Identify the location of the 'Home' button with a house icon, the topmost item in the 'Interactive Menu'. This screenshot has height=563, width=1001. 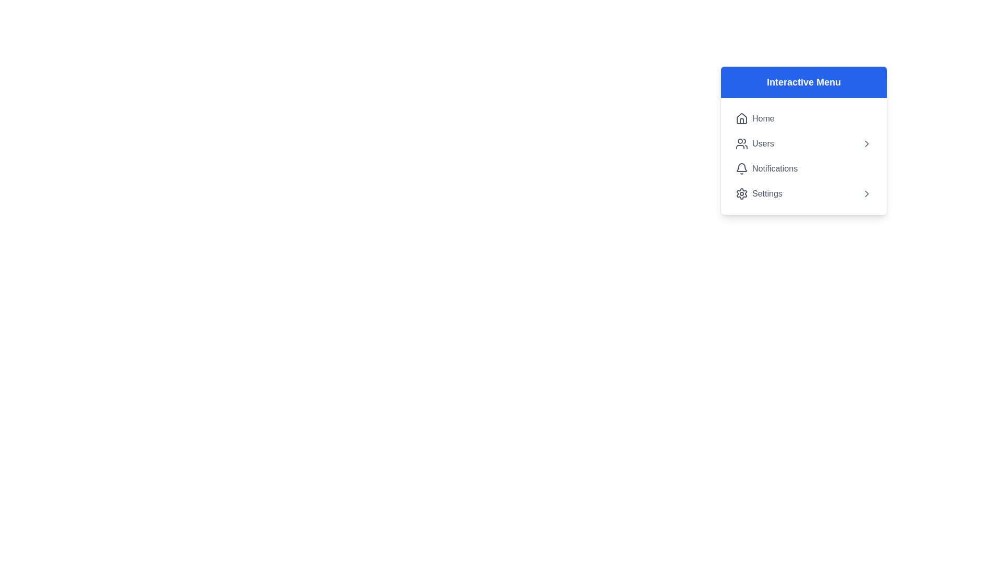
(755, 118).